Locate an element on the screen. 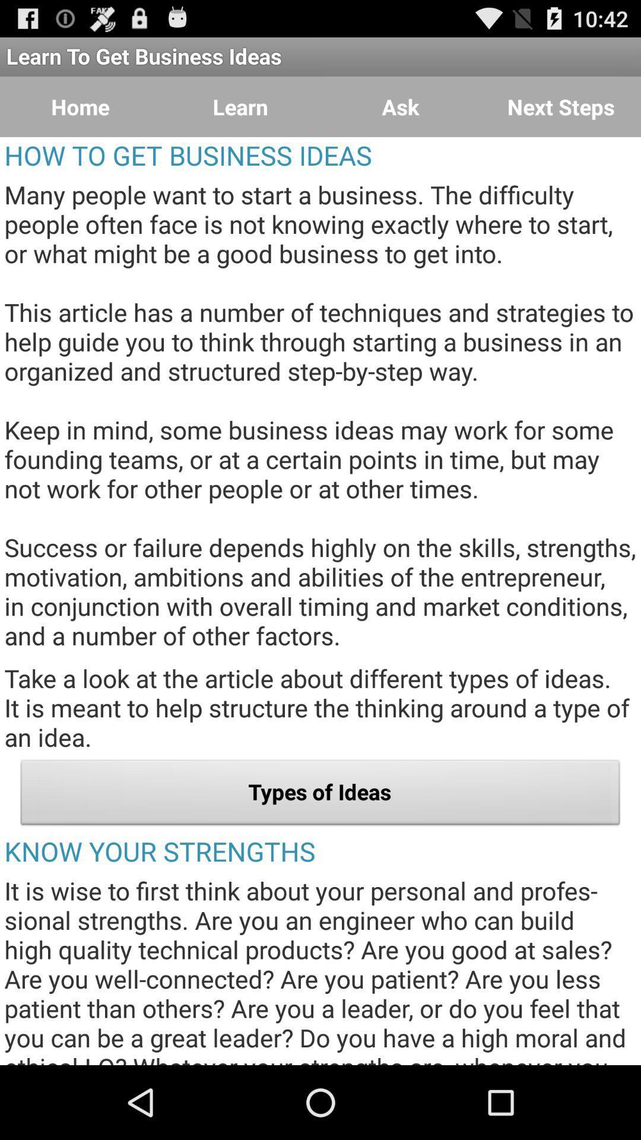  the next steps icon is located at coordinates (561, 107).